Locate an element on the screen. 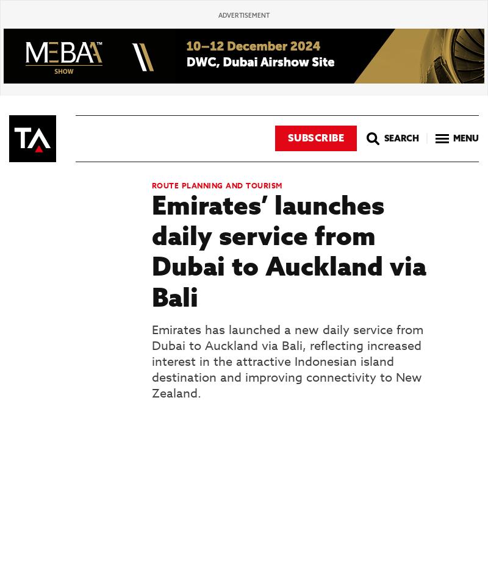 The width and height of the screenshot is (488, 567). 'Most viewed' is located at coordinates (9, 92).